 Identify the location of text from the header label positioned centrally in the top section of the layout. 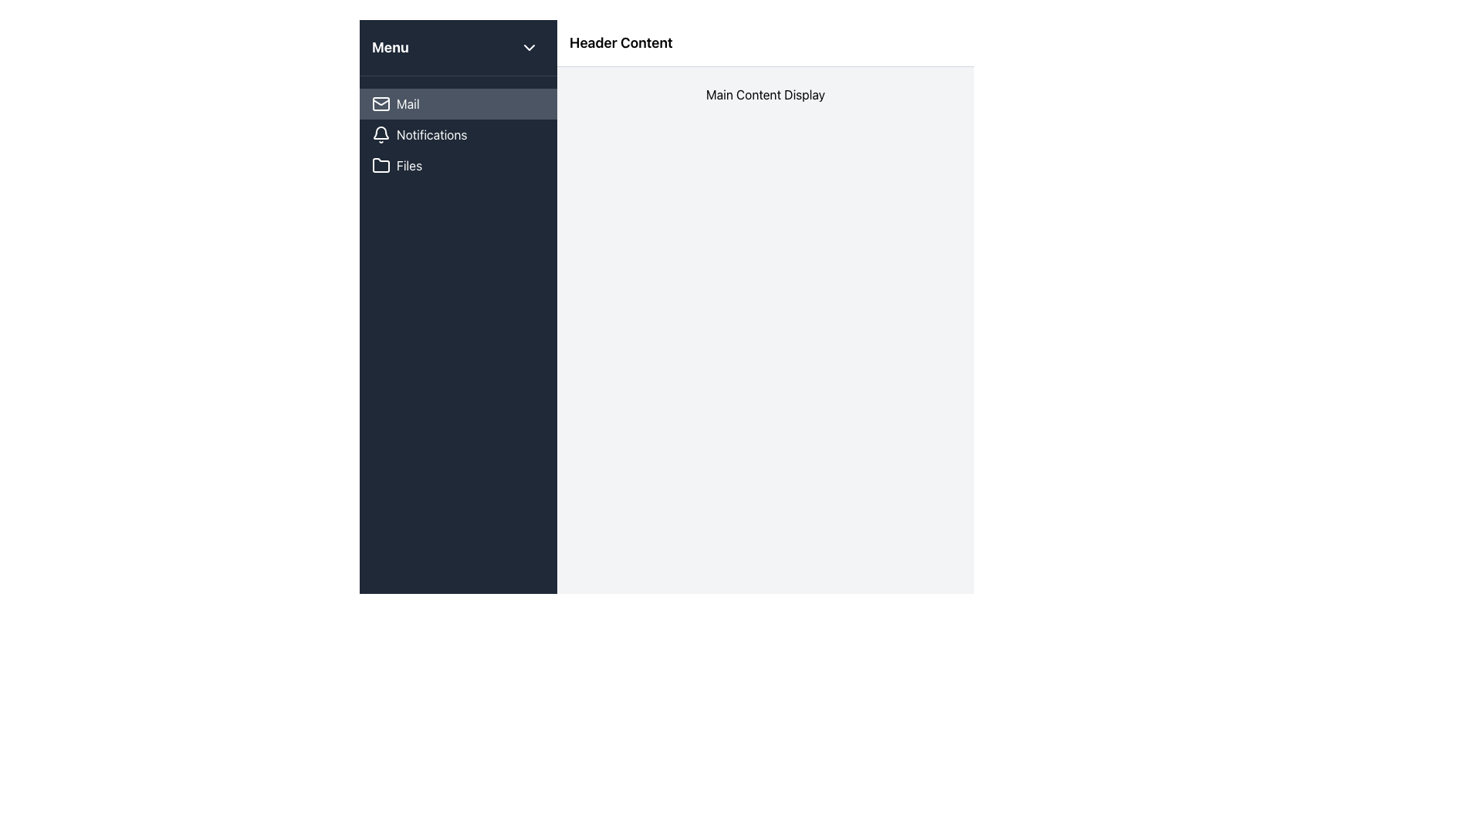
(621, 42).